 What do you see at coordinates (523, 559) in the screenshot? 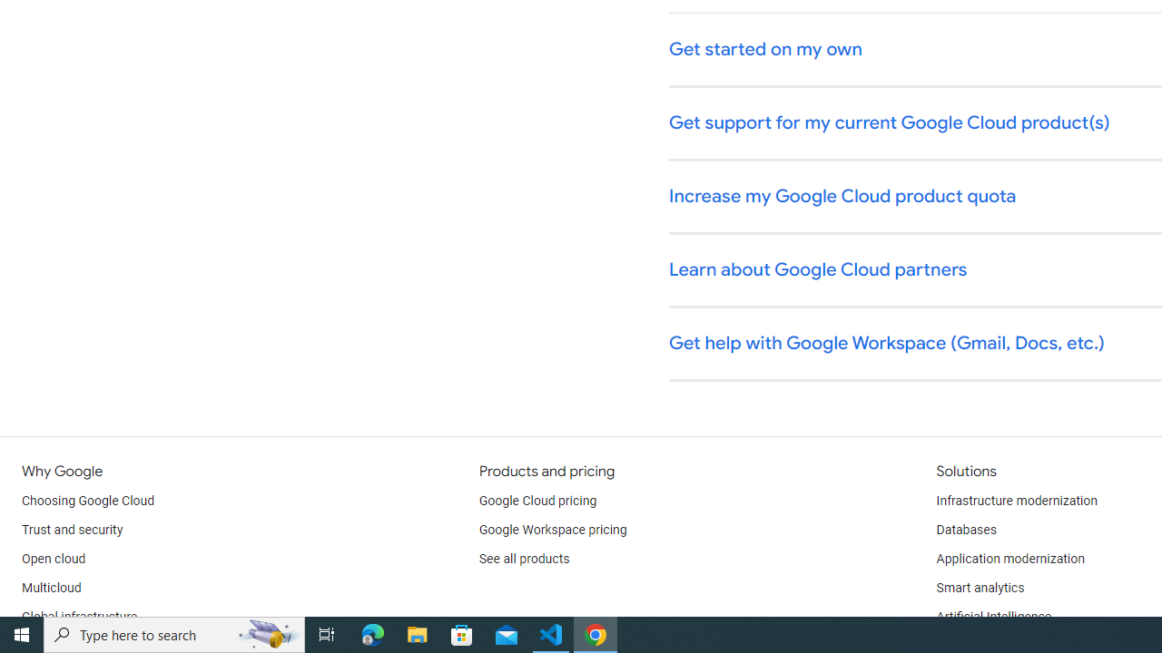
I see `'See all products'` at bounding box center [523, 559].